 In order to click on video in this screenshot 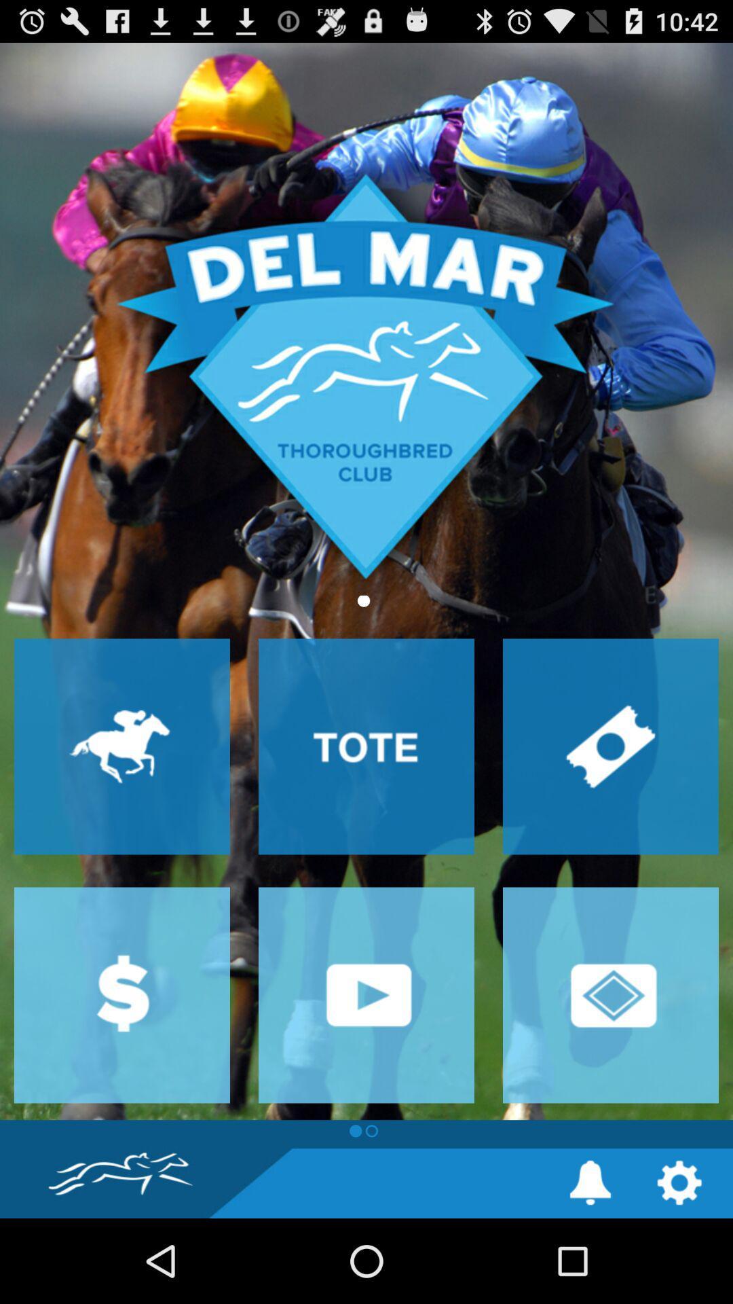, I will do `click(366, 995)`.